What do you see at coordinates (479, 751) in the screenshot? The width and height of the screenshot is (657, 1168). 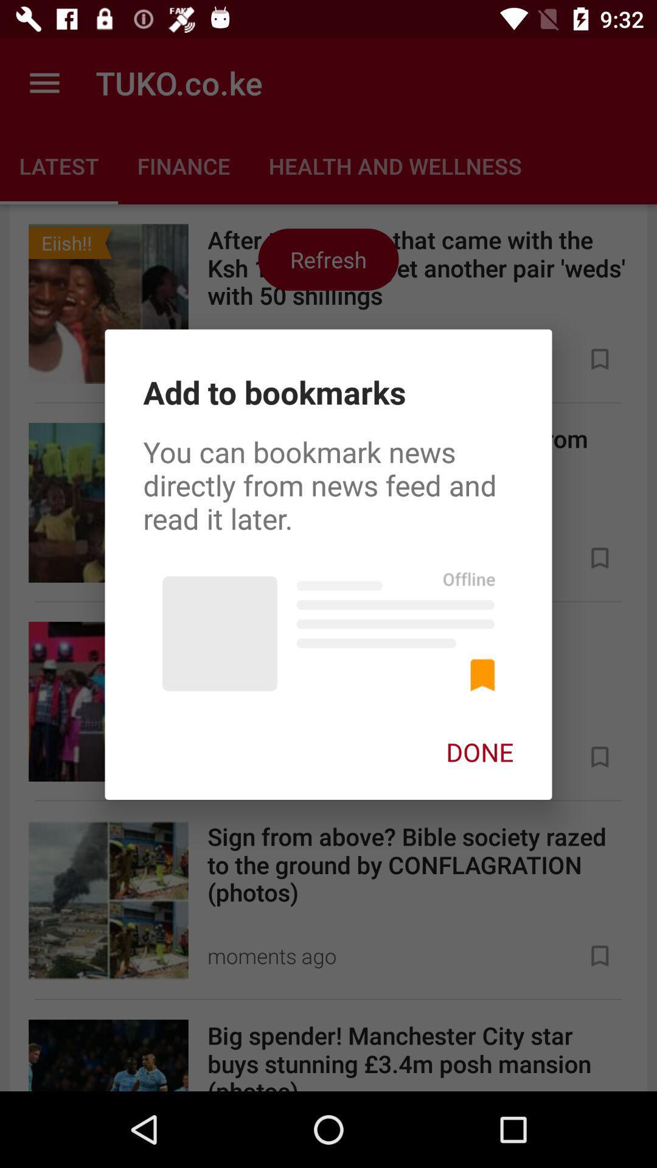 I see `the done on the right` at bounding box center [479, 751].